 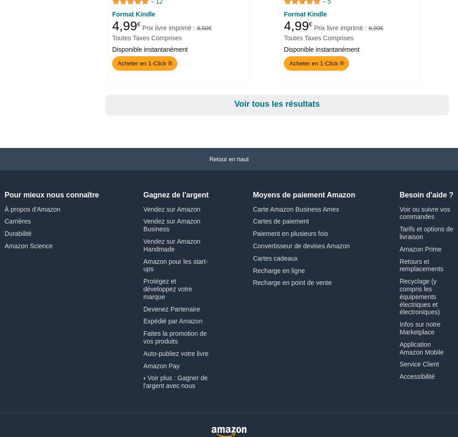 What do you see at coordinates (5, 245) in the screenshot?
I see `'Amazon Science'` at bounding box center [5, 245].